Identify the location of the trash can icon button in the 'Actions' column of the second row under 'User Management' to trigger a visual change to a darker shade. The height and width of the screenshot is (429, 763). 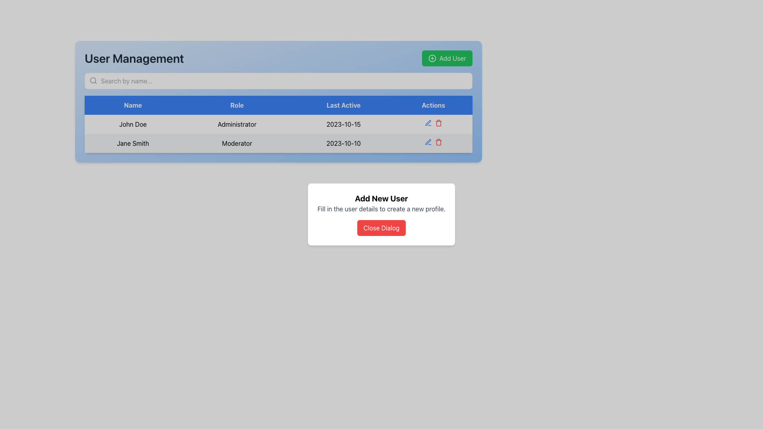
(438, 123).